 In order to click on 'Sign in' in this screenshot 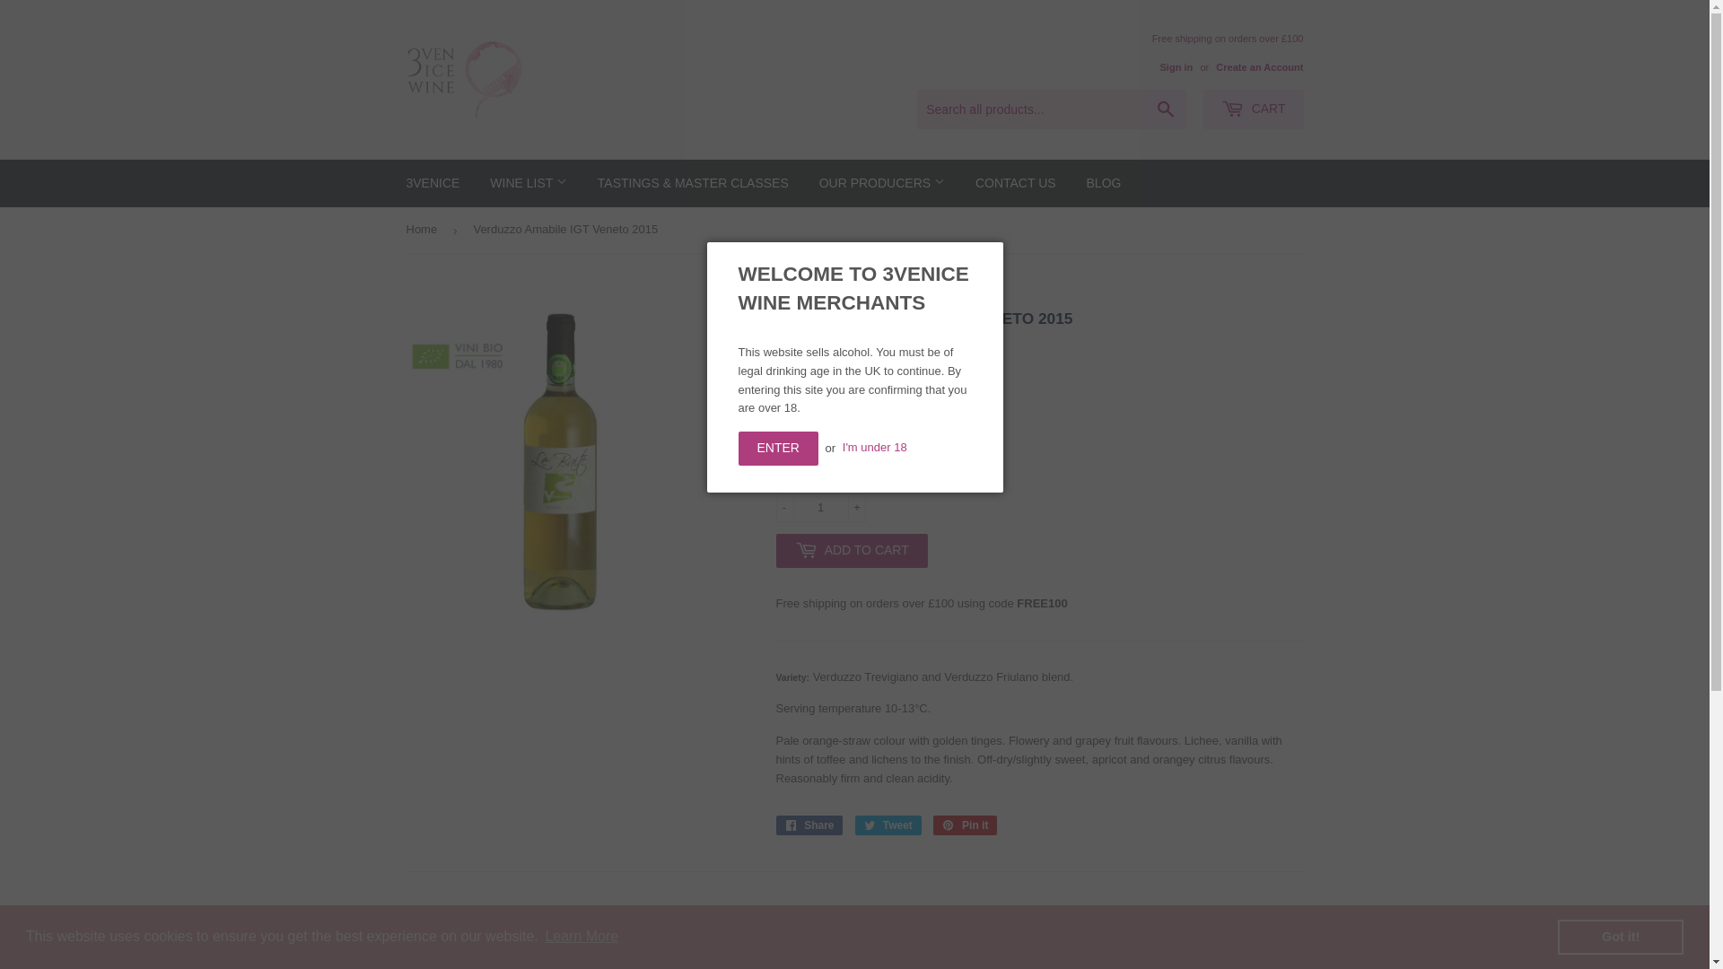, I will do `click(1176, 65)`.